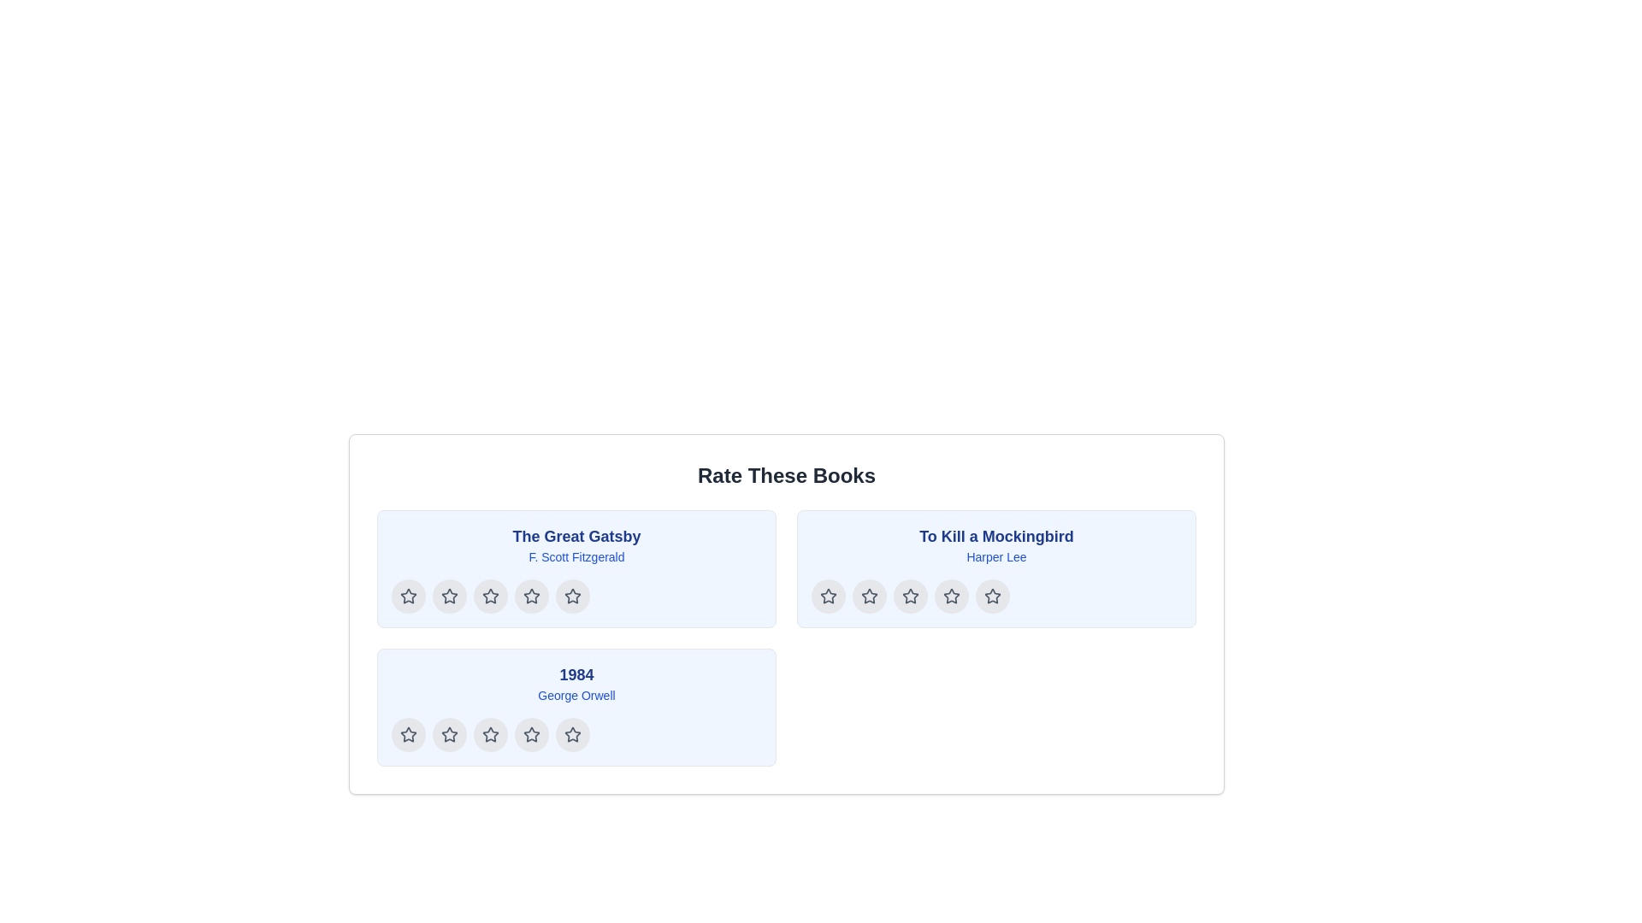 The height and width of the screenshot is (923, 1642). Describe the element at coordinates (531, 596) in the screenshot. I see `the circular button with a light gray background and a star icon, which is the fourth button in the rating row for the book 'The Great Gatsby', to rate the item` at that location.